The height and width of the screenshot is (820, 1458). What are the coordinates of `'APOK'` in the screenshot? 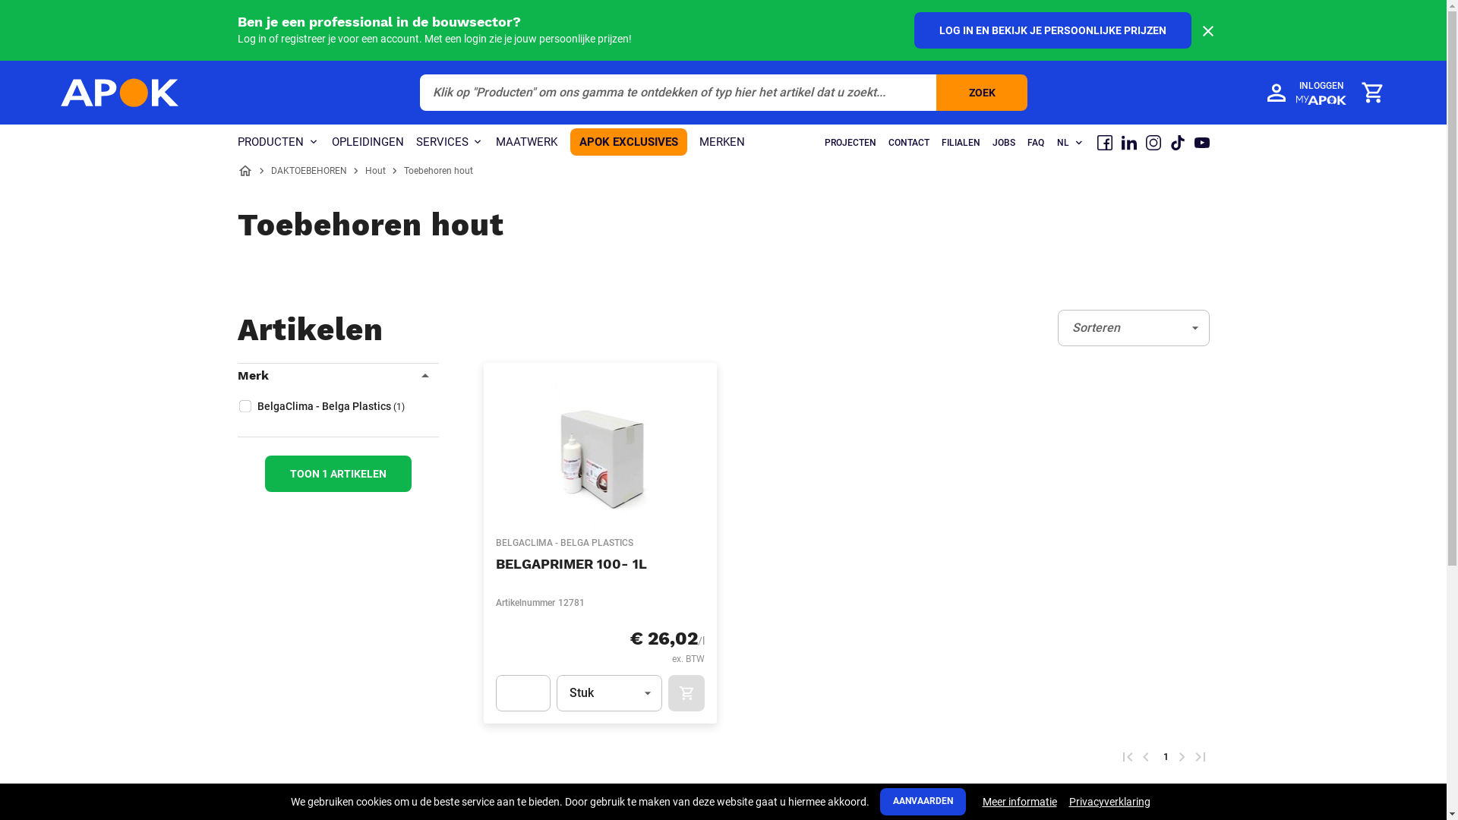 It's located at (119, 93).